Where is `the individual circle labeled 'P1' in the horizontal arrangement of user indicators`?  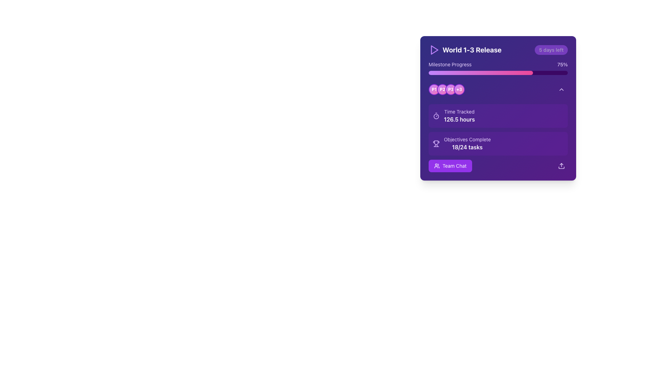 the individual circle labeled 'P1' in the horizontal arrangement of user indicators is located at coordinates (446, 89).